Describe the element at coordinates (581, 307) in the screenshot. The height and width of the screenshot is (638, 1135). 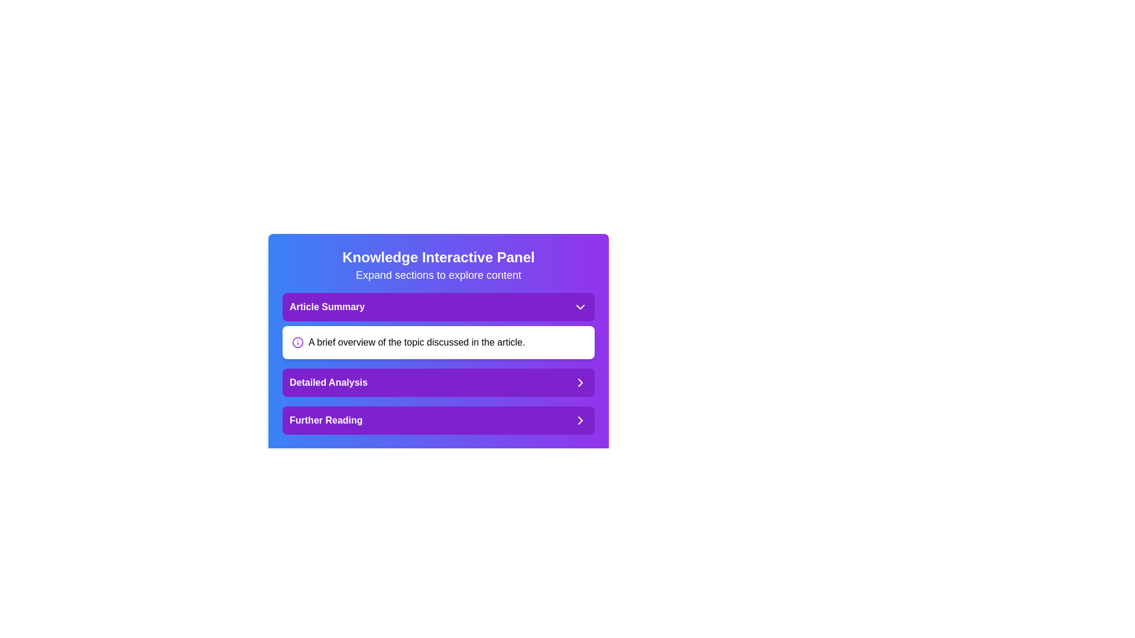
I see `the expand/collapse icon located at the far-right end of the 'Article Summary' section header` at that location.